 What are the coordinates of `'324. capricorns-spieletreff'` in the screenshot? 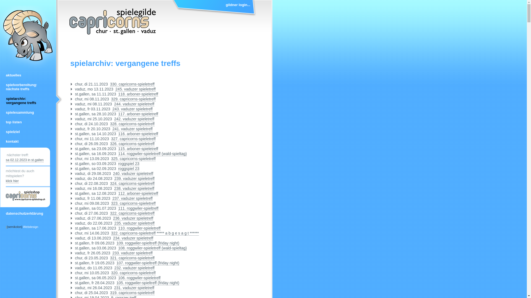 It's located at (132, 183).